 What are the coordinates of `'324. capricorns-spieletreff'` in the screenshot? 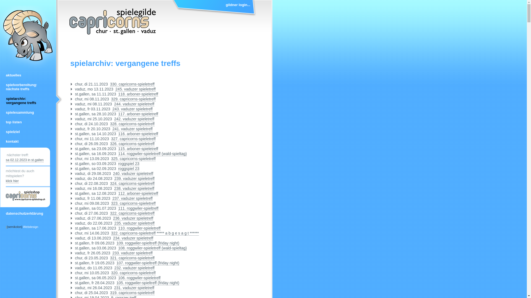 It's located at (132, 183).